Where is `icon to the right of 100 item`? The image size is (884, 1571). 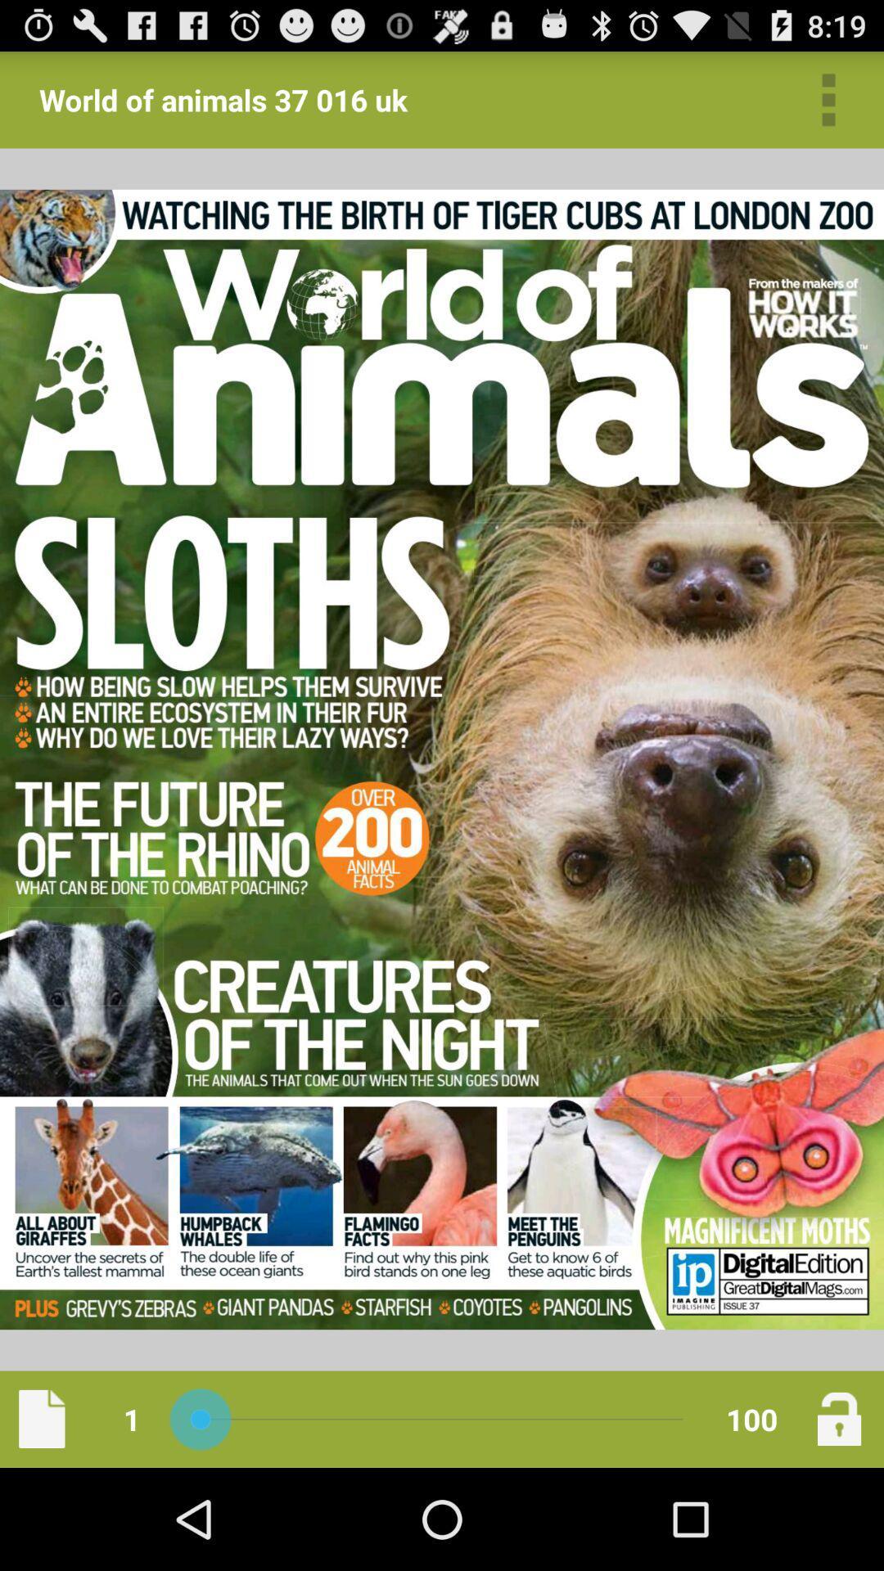 icon to the right of 100 item is located at coordinates (839, 1418).